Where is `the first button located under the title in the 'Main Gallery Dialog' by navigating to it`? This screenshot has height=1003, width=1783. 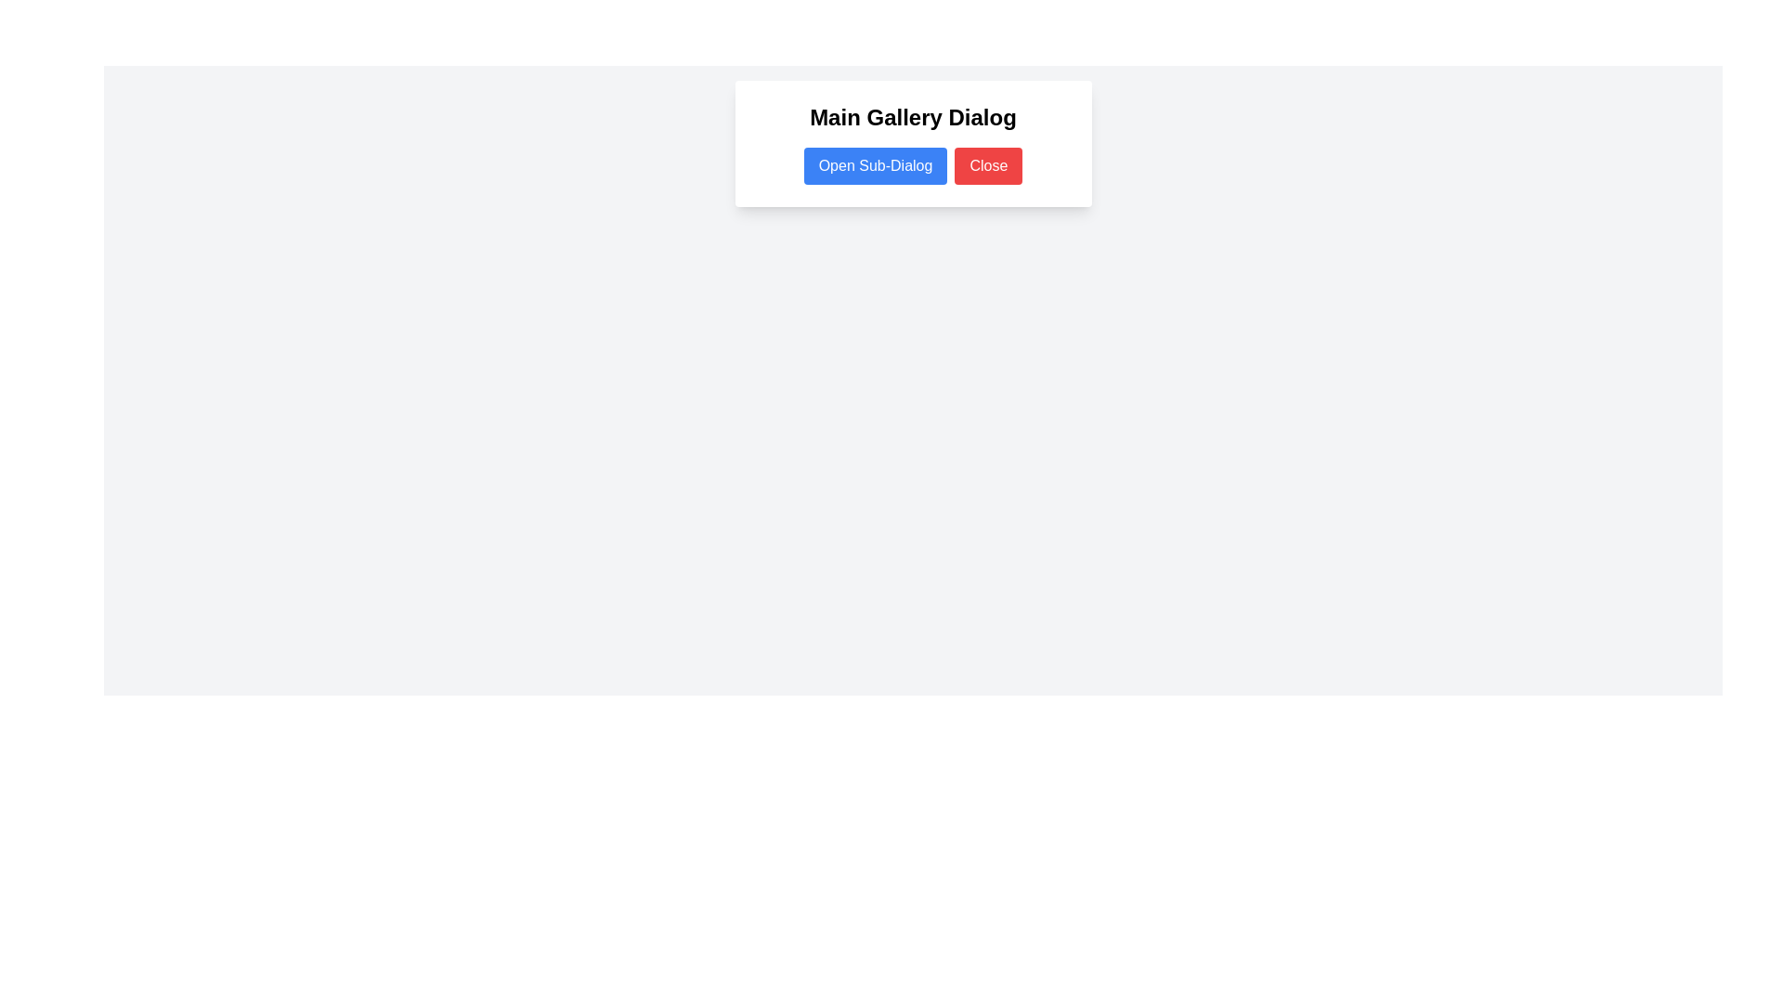
the first button located under the title in the 'Main Gallery Dialog' by navigating to it is located at coordinates (875, 164).